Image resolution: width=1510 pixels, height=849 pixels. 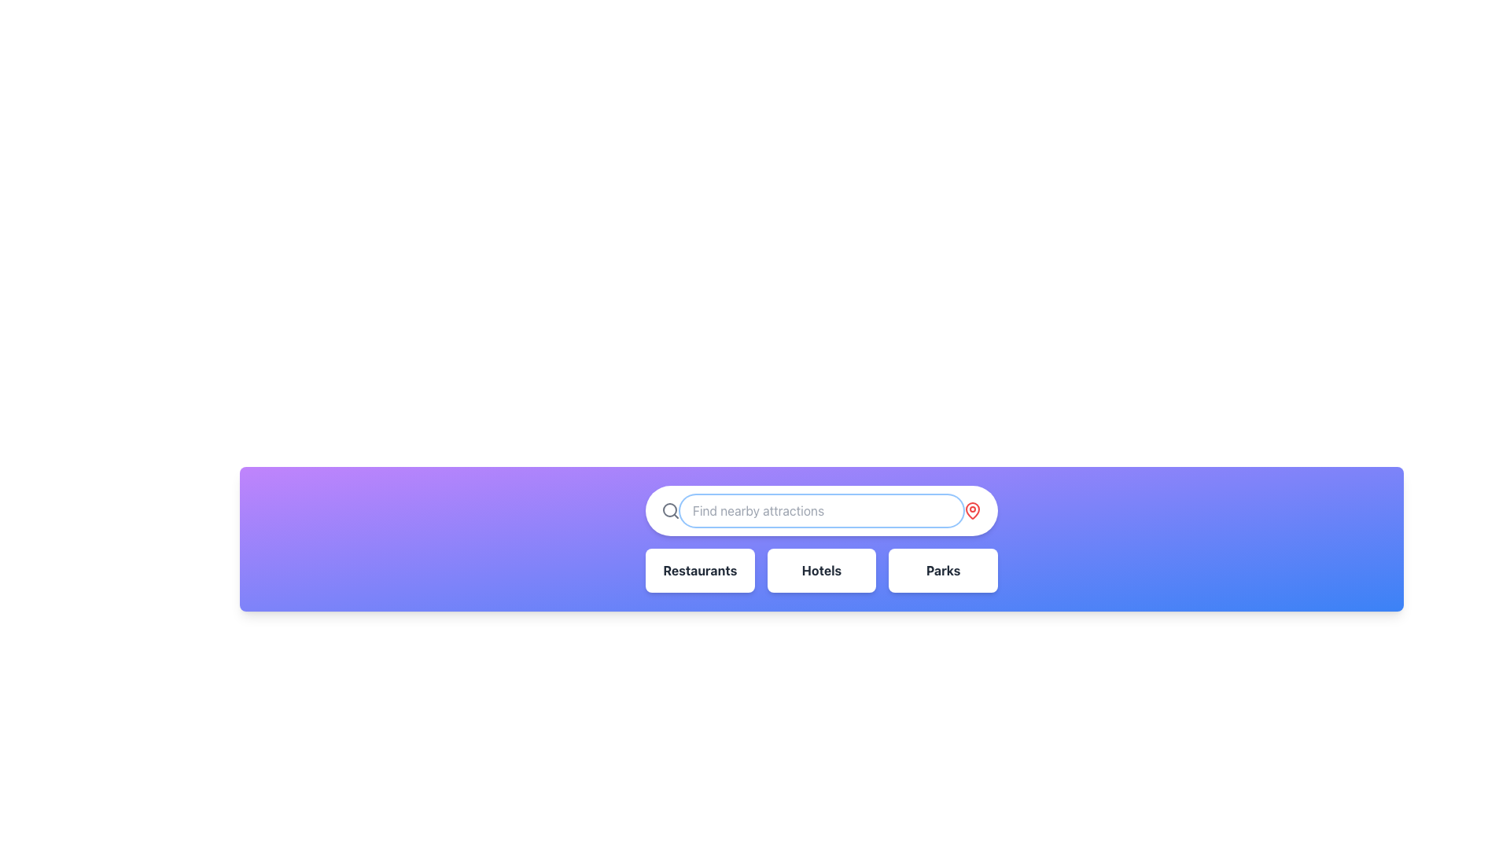 I want to click on text from the label that serves as a category filter for 'Restaurants', located in the first of three sibling cards underneath the horizontal search bar, so click(x=699, y=570).